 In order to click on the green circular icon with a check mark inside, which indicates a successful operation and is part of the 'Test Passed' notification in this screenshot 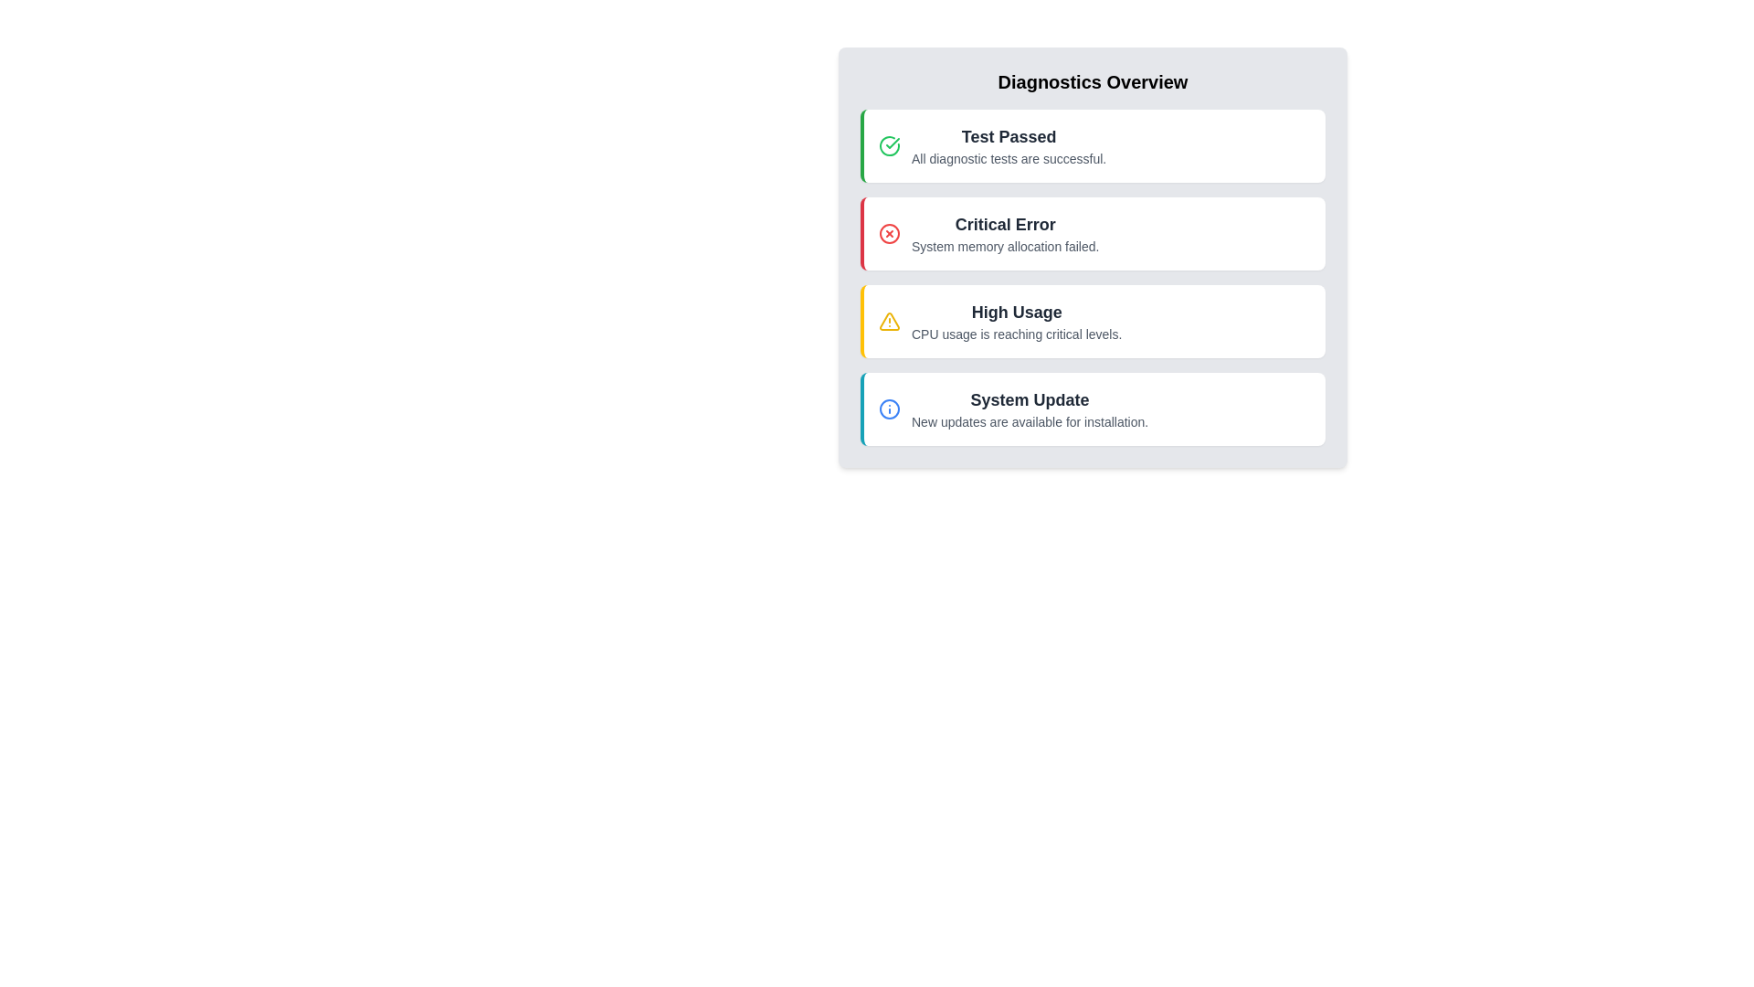, I will do `click(890, 144)`.